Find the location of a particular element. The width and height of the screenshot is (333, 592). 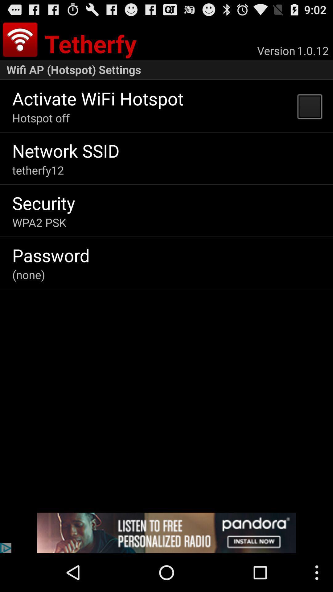

(none) is located at coordinates (28, 274).